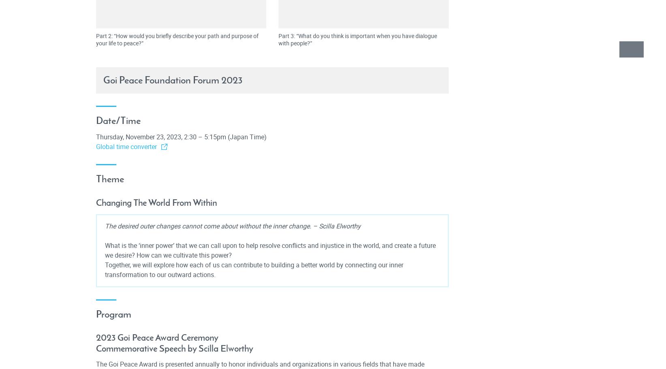 This screenshot has height=369, width=666. I want to click on 'Global time converter', so click(126, 147).